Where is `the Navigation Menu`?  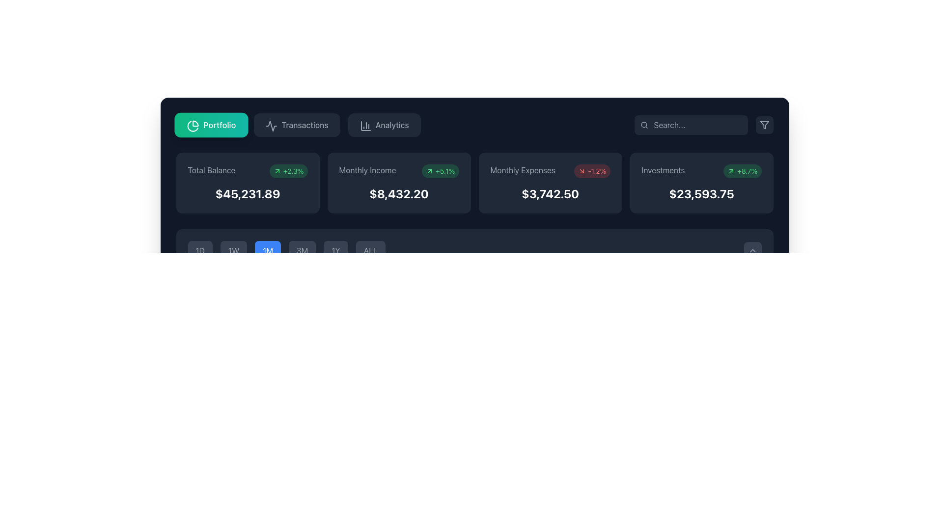
the Navigation Menu is located at coordinates (298, 124).